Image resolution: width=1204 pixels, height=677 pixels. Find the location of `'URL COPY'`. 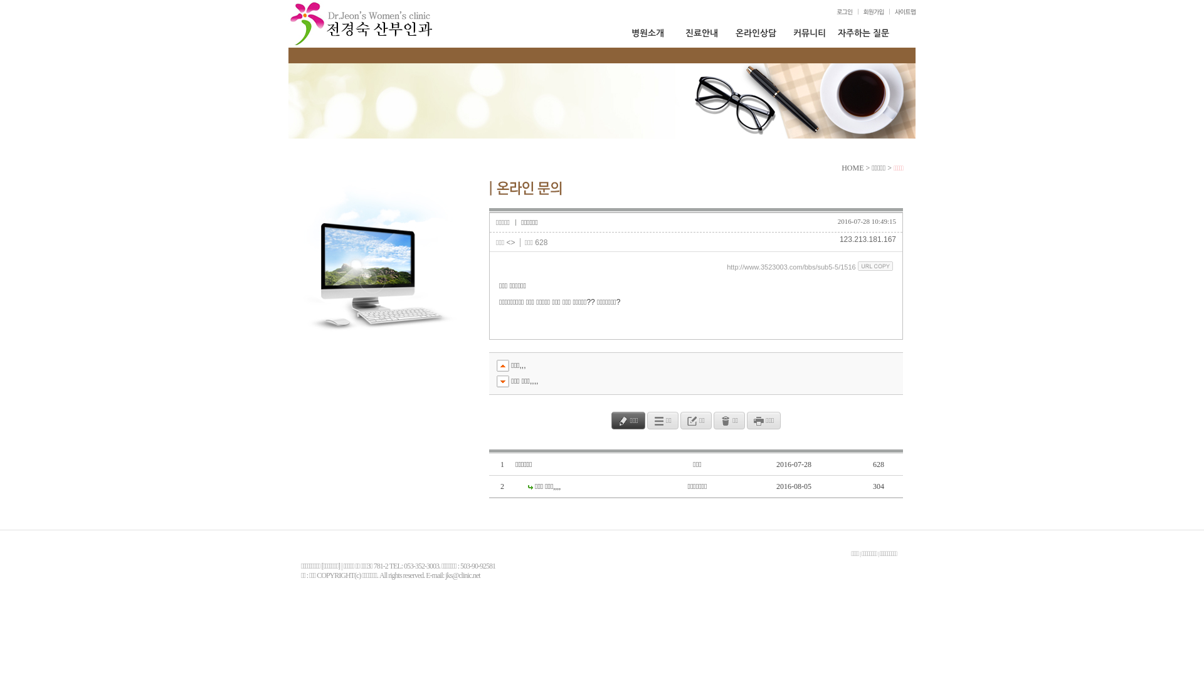

'URL COPY' is located at coordinates (857, 265).